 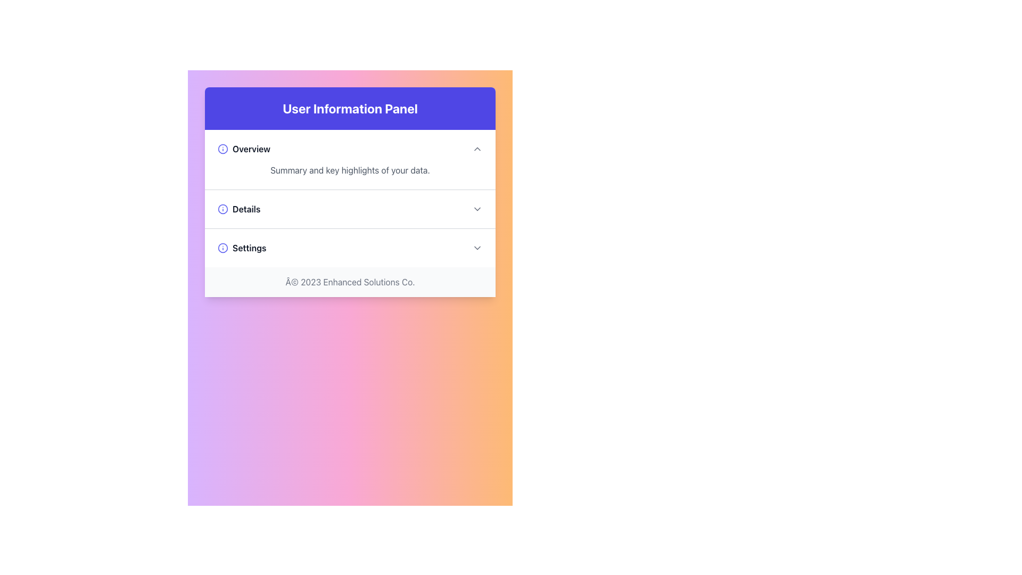 What do you see at coordinates (222, 149) in the screenshot?
I see `the circular indigo icon with an 'i' symbol located to the left of the 'Overview' text in the main panel` at bounding box center [222, 149].